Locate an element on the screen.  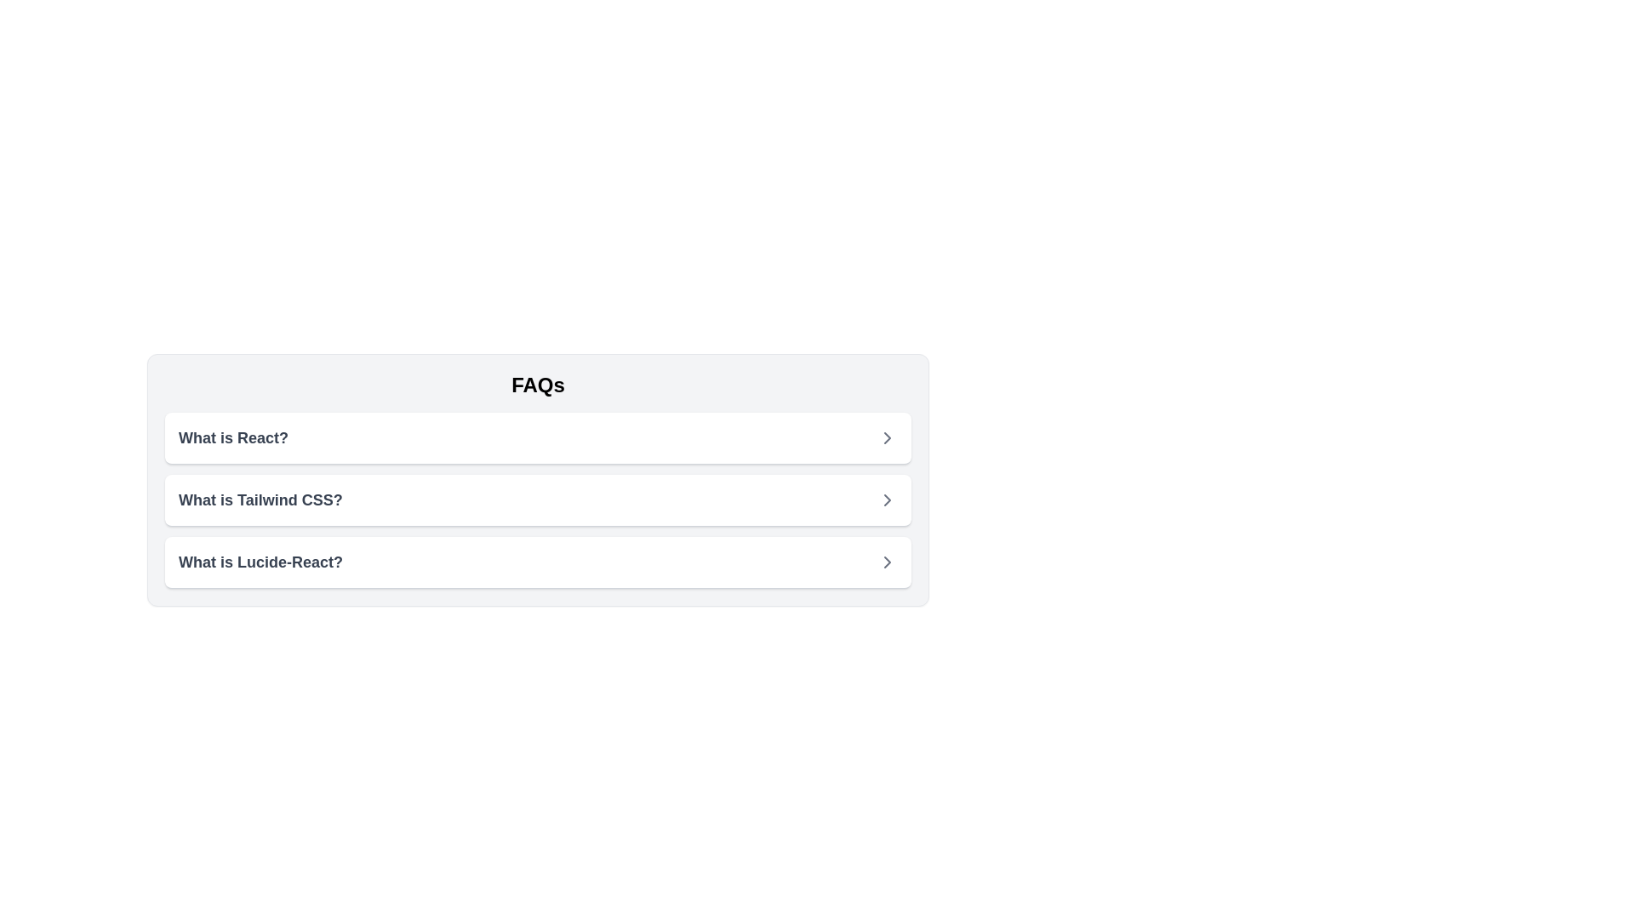
the third clickable list item in the FAQ list is located at coordinates (537, 562).